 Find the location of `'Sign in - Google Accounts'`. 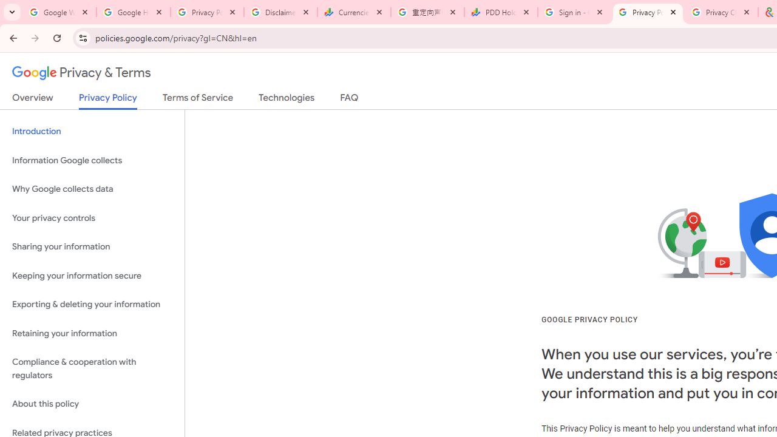

'Sign in - Google Accounts' is located at coordinates (574, 12).